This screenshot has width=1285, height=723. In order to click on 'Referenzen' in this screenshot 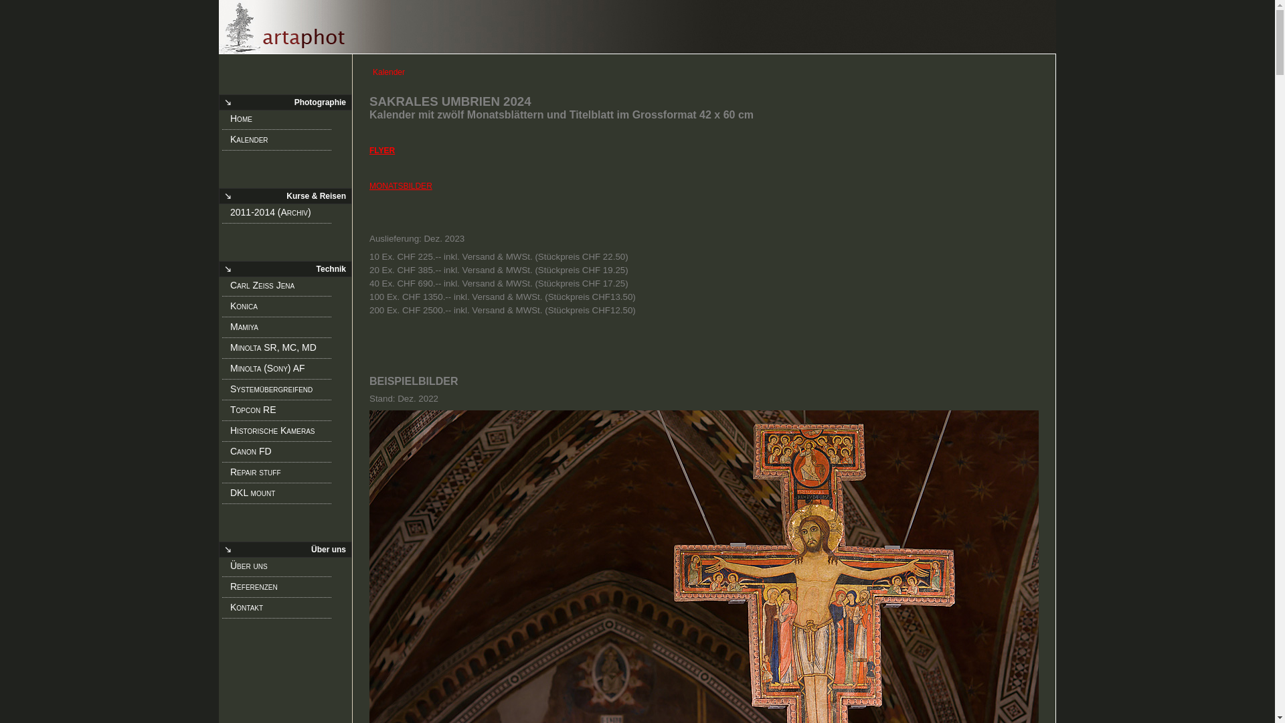, I will do `click(280, 588)`.